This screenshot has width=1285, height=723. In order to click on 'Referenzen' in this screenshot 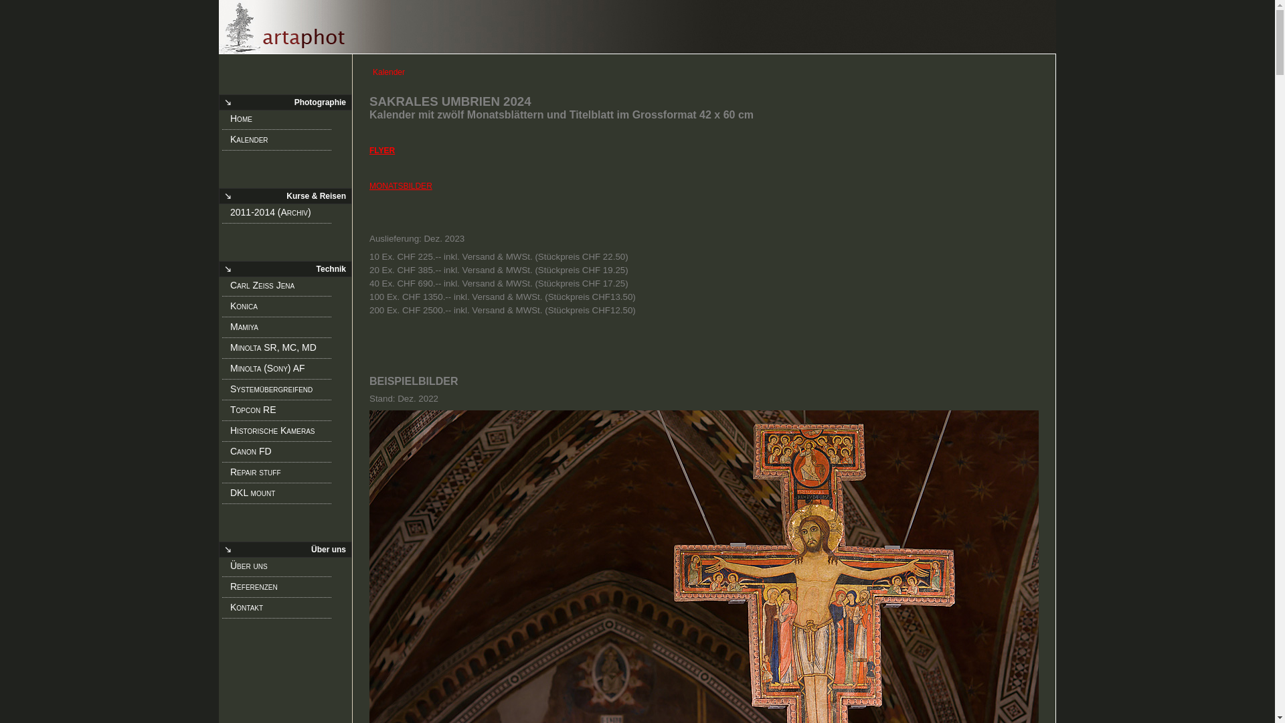, I will do `click(280, 588)`.